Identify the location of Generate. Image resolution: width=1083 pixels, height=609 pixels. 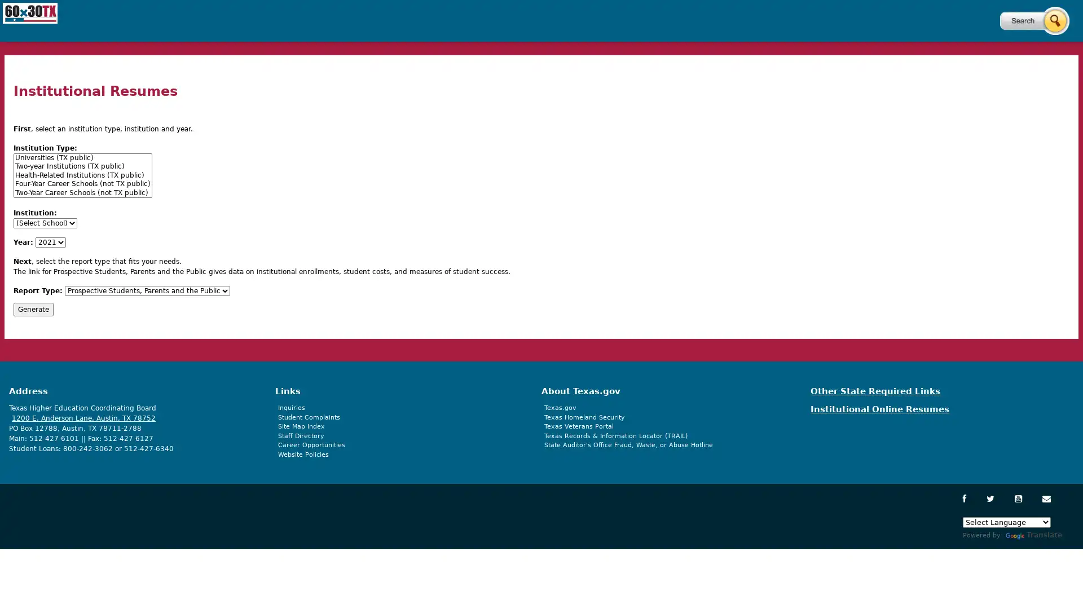
(33, 308).